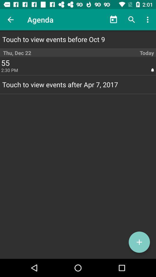 The height and width of the screenshot is (277, 156). I want to click on the add icon, so click(139, 242).